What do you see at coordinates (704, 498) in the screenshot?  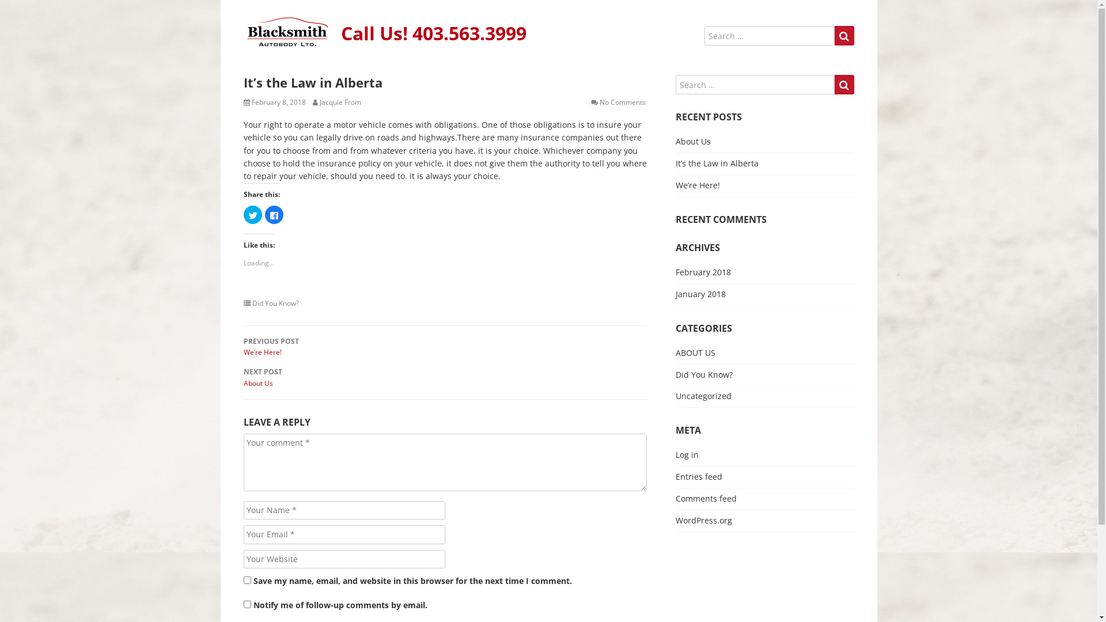 I see `'Comments feed'` at bounding box center [704, 498].